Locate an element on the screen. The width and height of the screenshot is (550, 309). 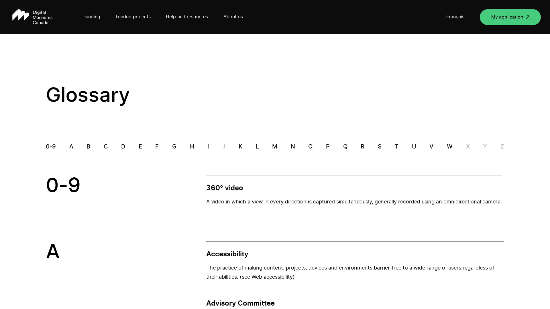
L is located at coordinates (257, 146).